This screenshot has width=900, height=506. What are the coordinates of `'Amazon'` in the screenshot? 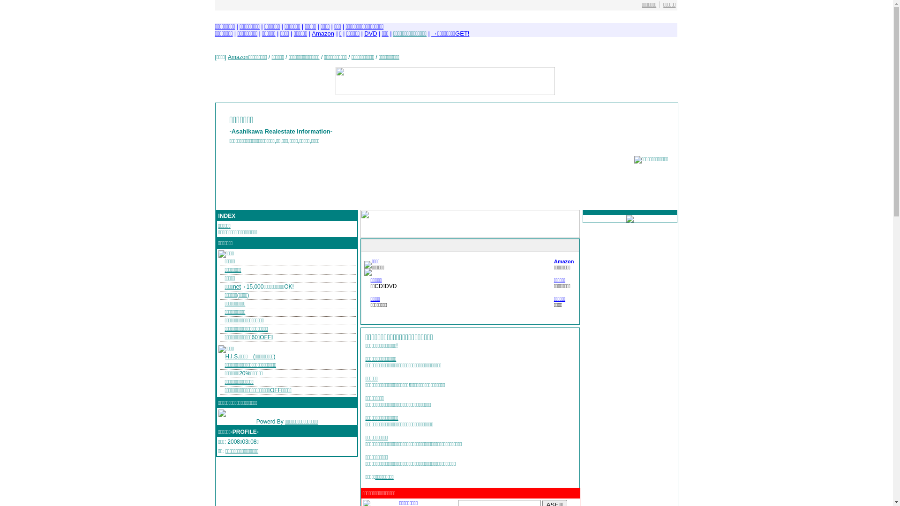 It's located at (323, 33).